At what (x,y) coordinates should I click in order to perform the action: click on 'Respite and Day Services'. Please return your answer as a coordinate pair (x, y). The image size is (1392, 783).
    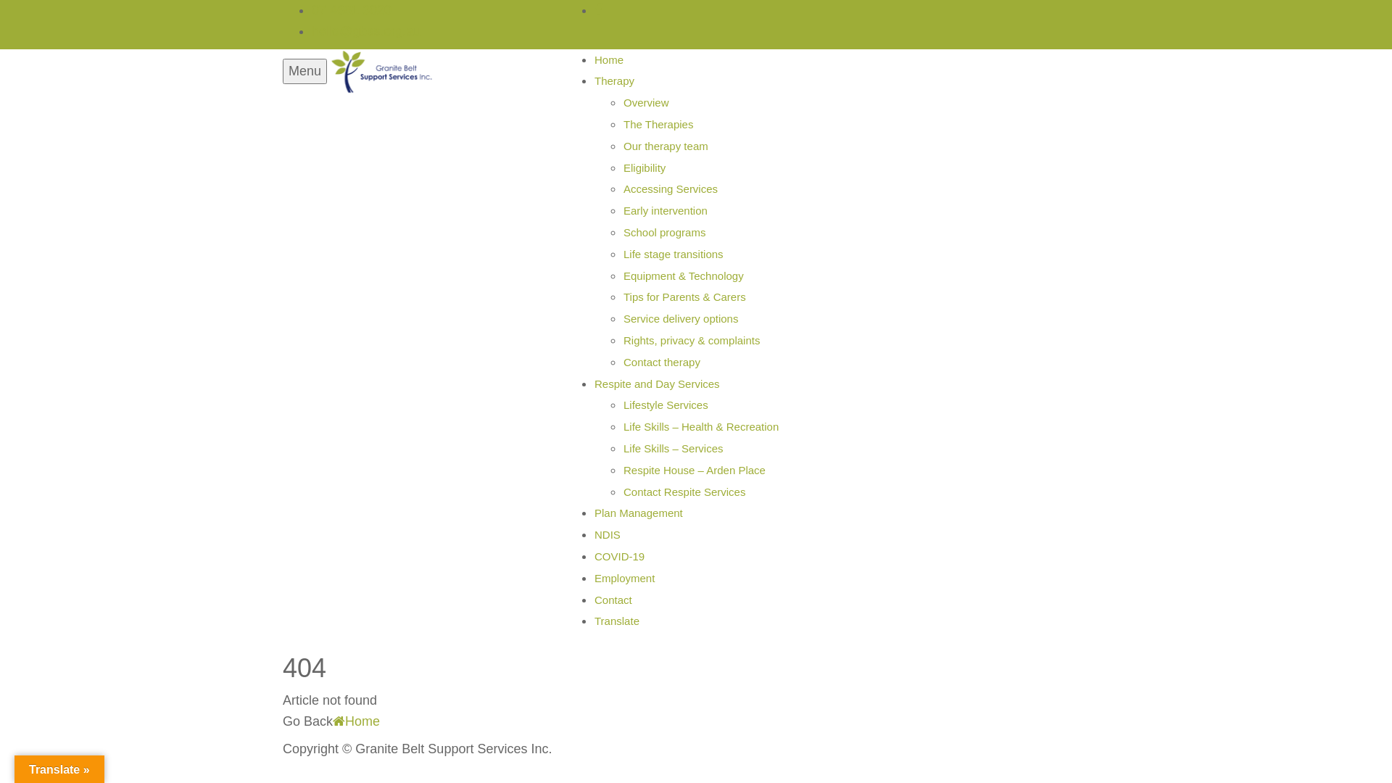
    Looking at the image, I should click on (656, 383).